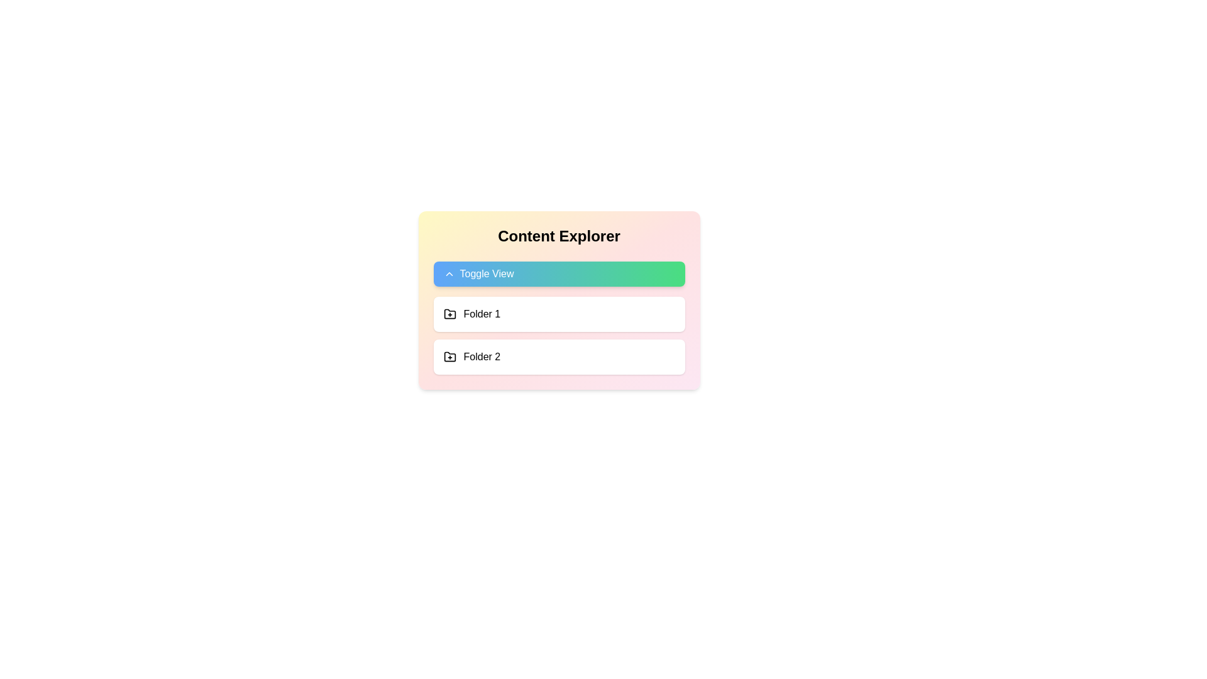  Describe the element at coordinates (471, 314) in the screenshot. I see `the first row in the list containing a folder icon and the text 'Folder 1'` at that location.